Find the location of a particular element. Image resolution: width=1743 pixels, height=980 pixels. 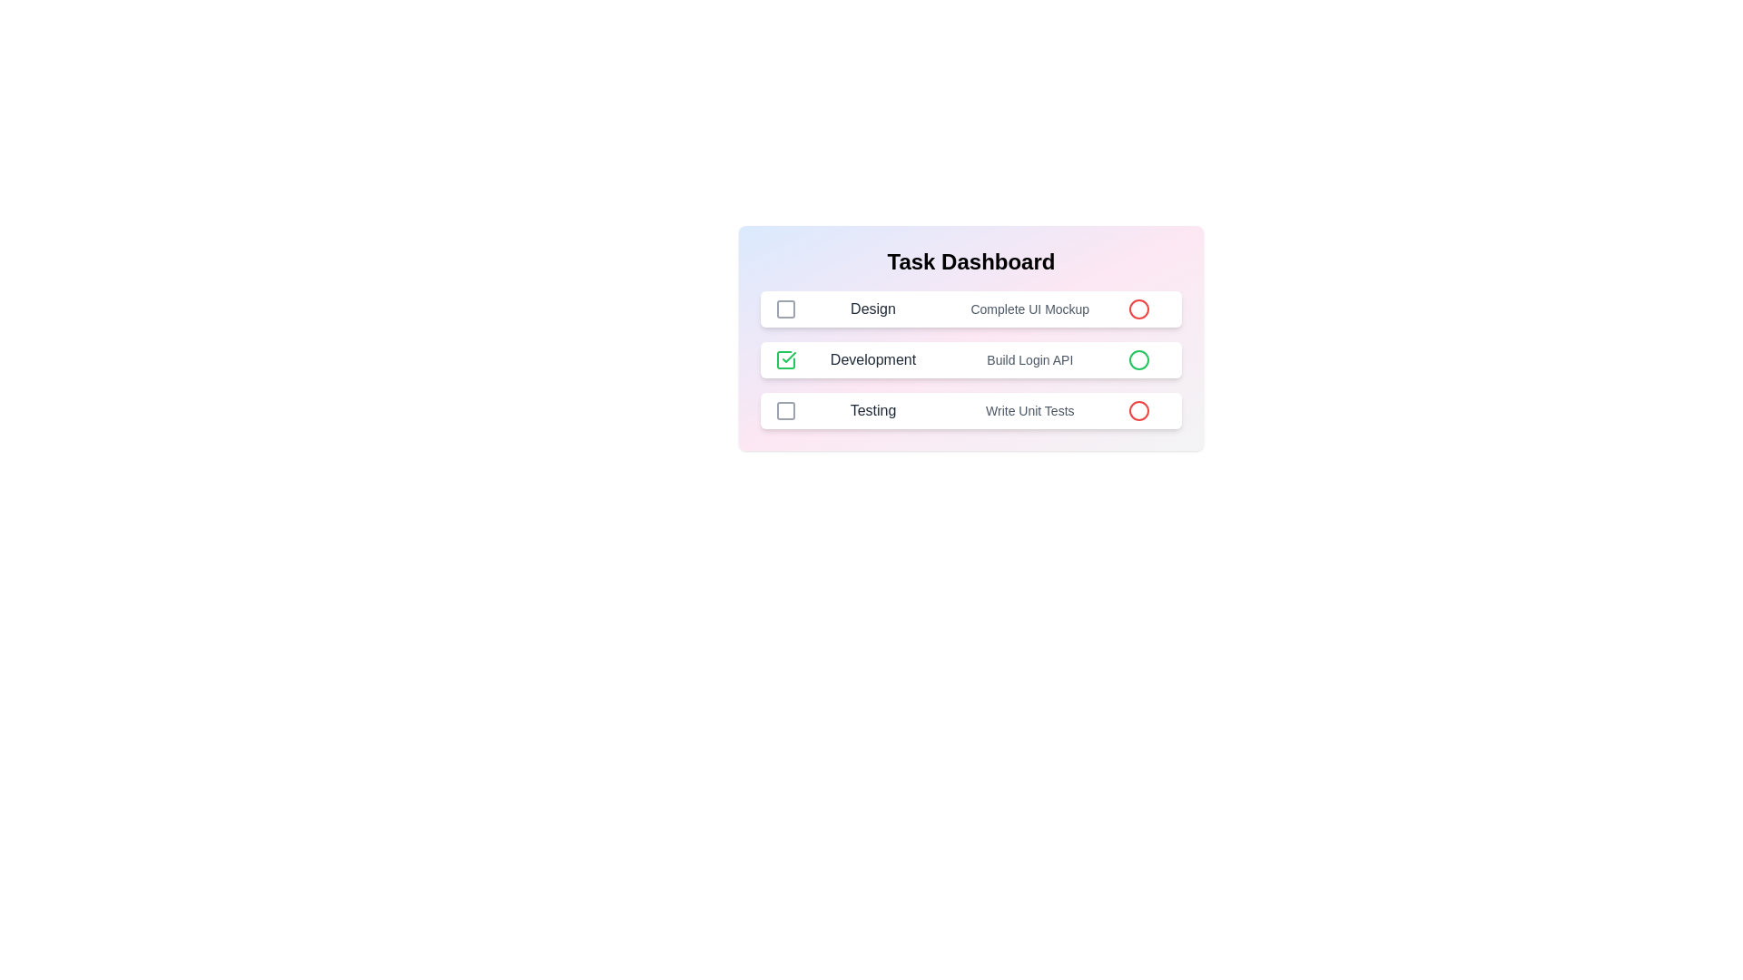

the completion icon for the task 'Testing' is located at coordinates (785, 410).